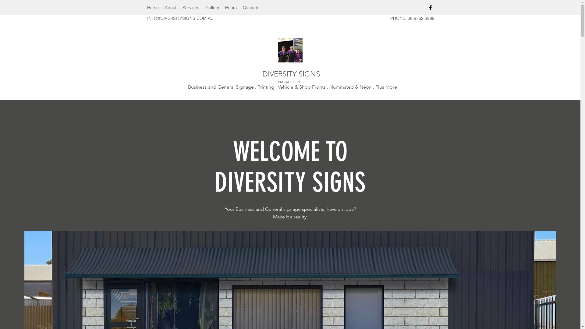  I want to click on 'Hours', so click(230, 7).